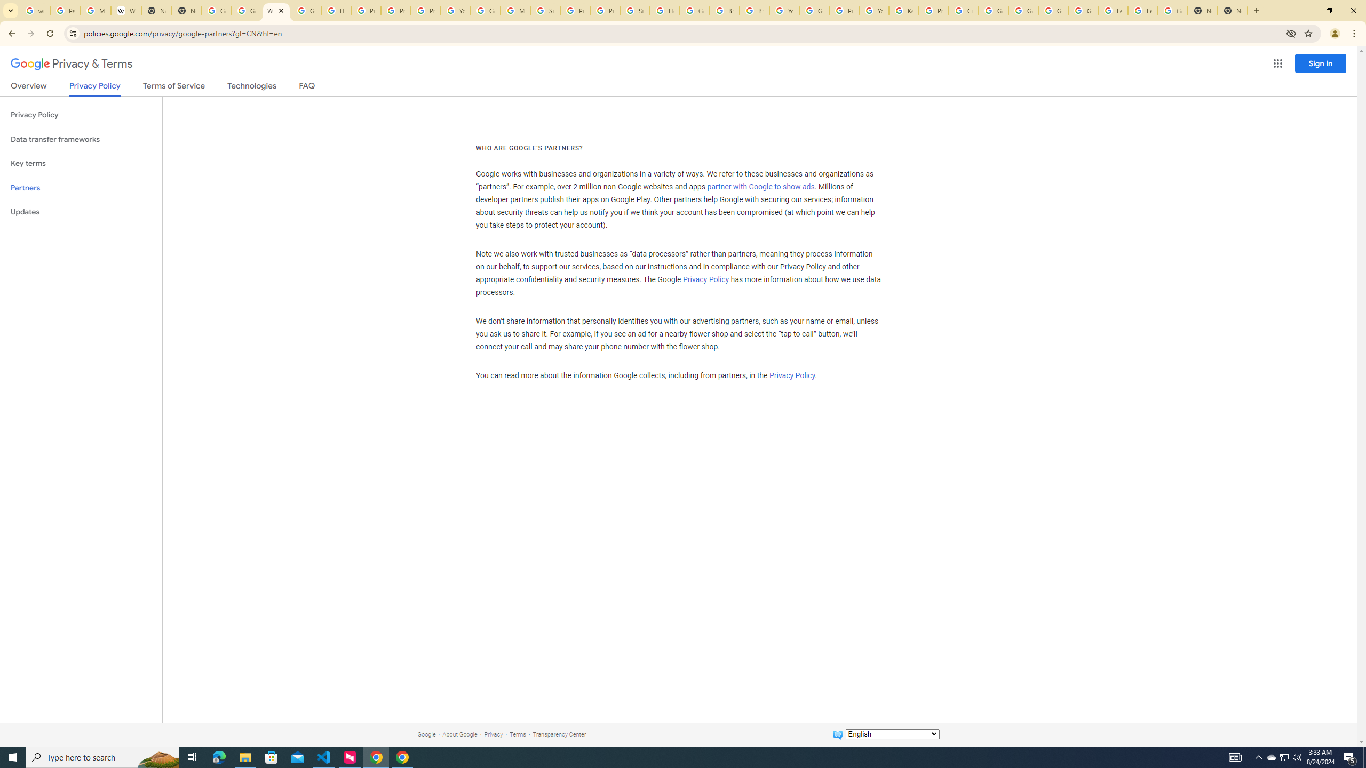 This screenshot has width=1366, height=768. What do you see at coordinates (545, 10) in the screenshot?
I see `'Sign in - Google Accounts'` at bounding box center [545, 10].